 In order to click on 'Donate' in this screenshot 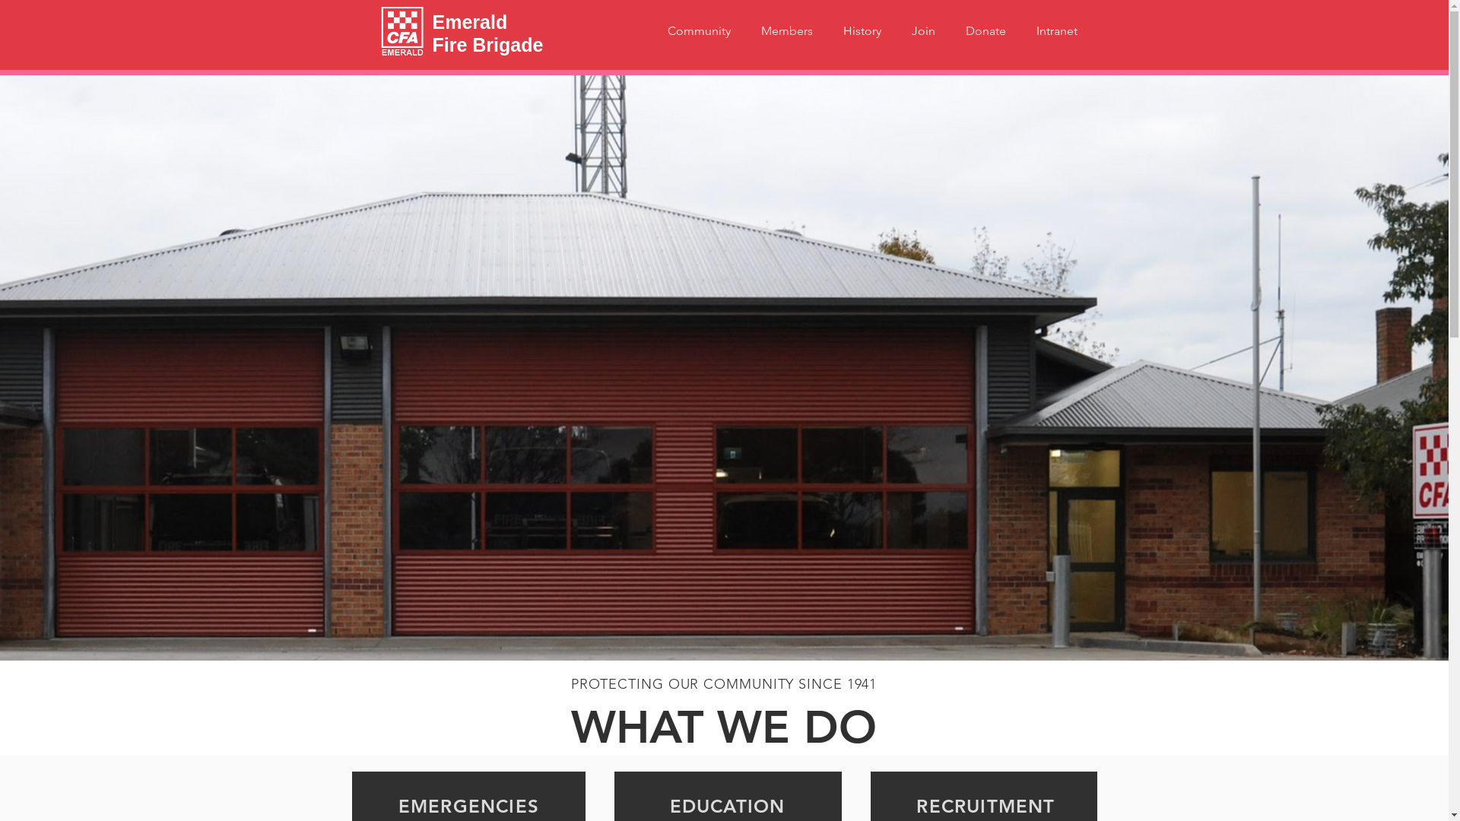, I will do `click(985, 31)`.